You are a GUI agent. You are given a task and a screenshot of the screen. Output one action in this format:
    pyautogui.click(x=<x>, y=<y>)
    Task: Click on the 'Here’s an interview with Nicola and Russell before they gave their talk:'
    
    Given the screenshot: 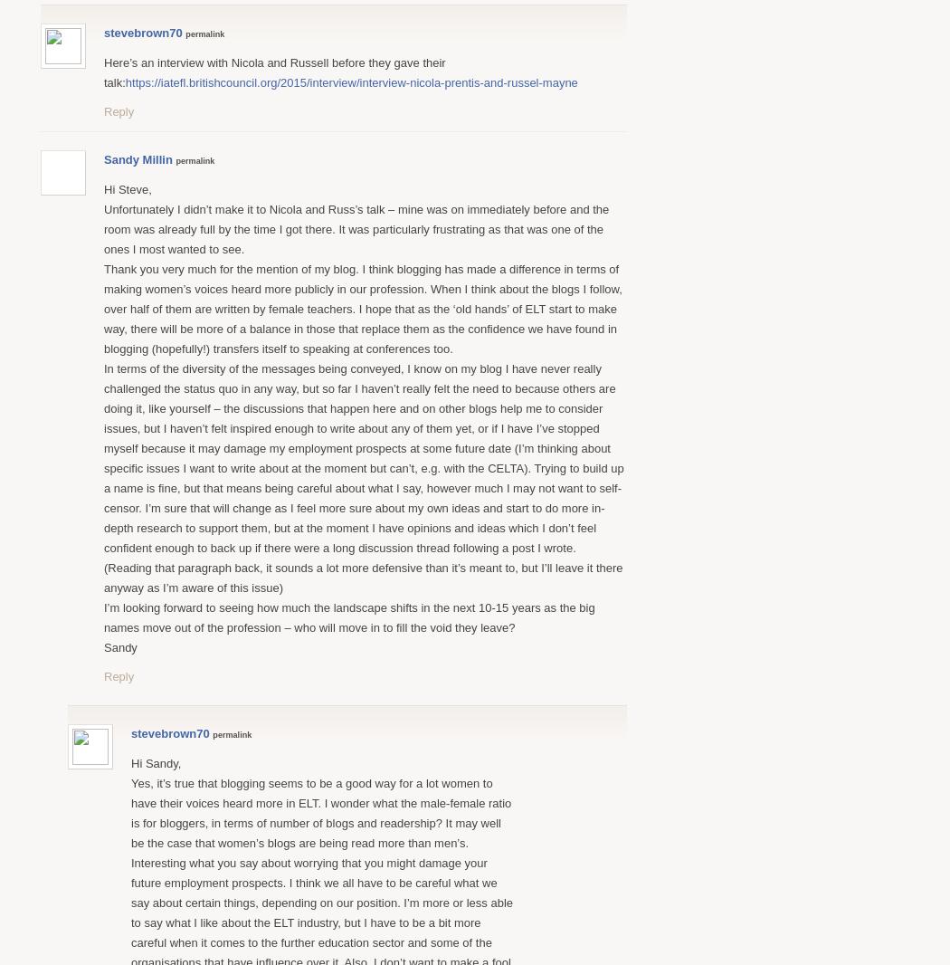 What is the action you would take?
    pyautogui.click(x=102, y=71)
    